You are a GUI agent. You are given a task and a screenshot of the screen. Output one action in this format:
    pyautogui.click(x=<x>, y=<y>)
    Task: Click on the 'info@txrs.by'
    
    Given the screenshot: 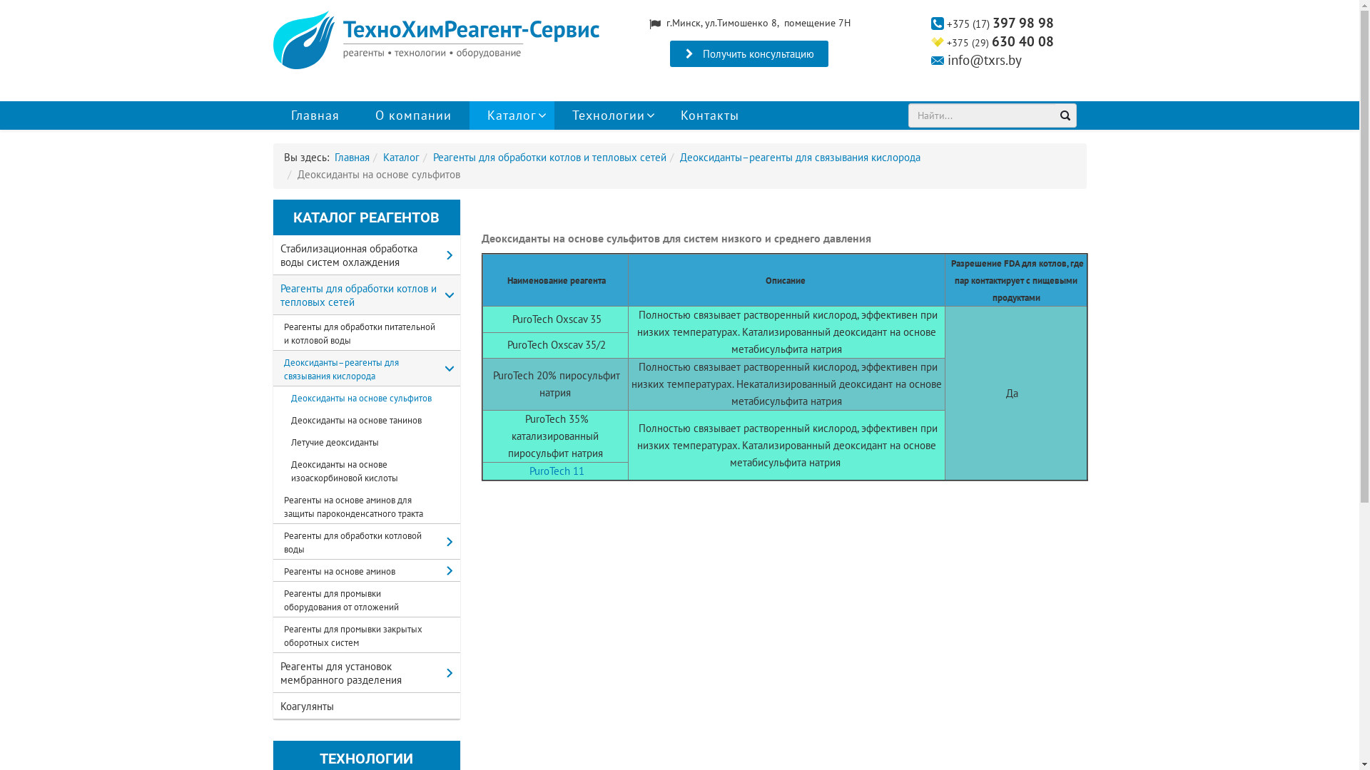 What is the action you would take?
    pyautogui.click(x=984, y=59)
    